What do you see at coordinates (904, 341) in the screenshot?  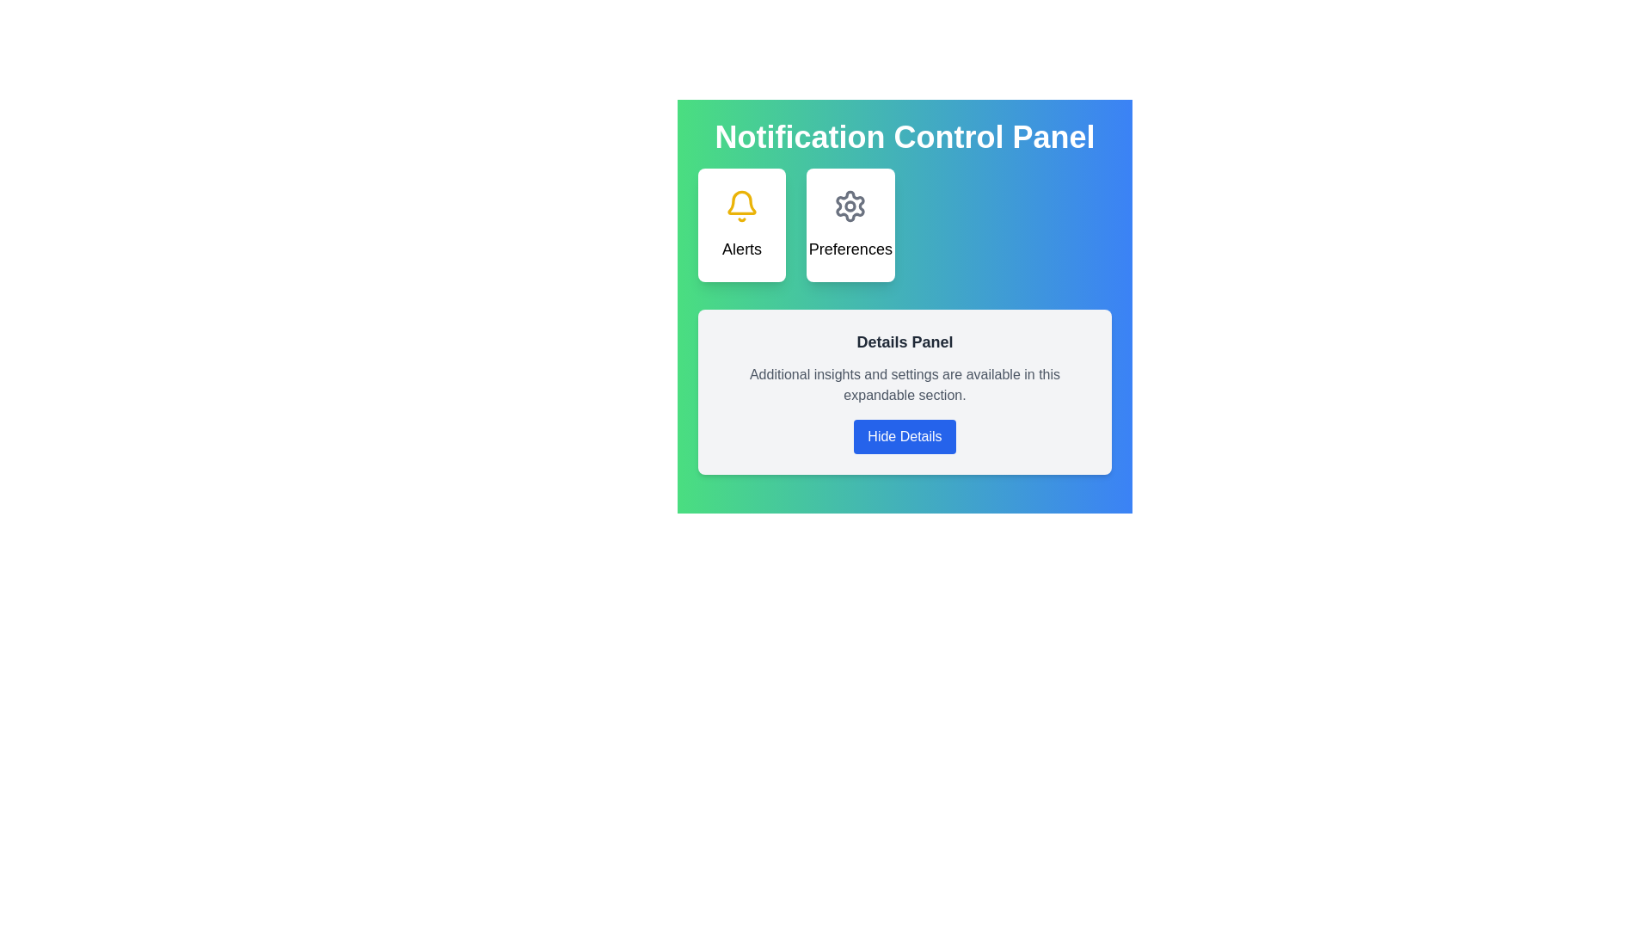 I see `the Text Header element that serves as the title for the 'Details Panel' section, positioned at the top-center of this panel` at bounding box center [904, 341].